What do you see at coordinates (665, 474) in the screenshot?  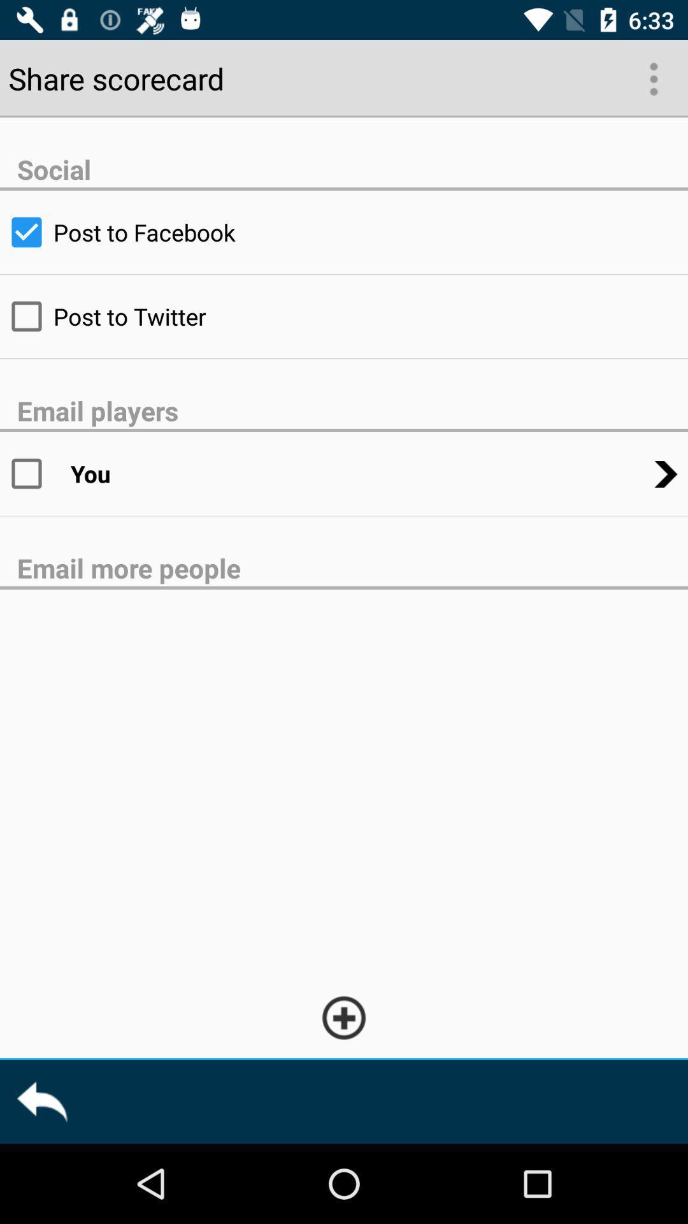 I see `arrow at right side of you` at bounding box center [665, 474].